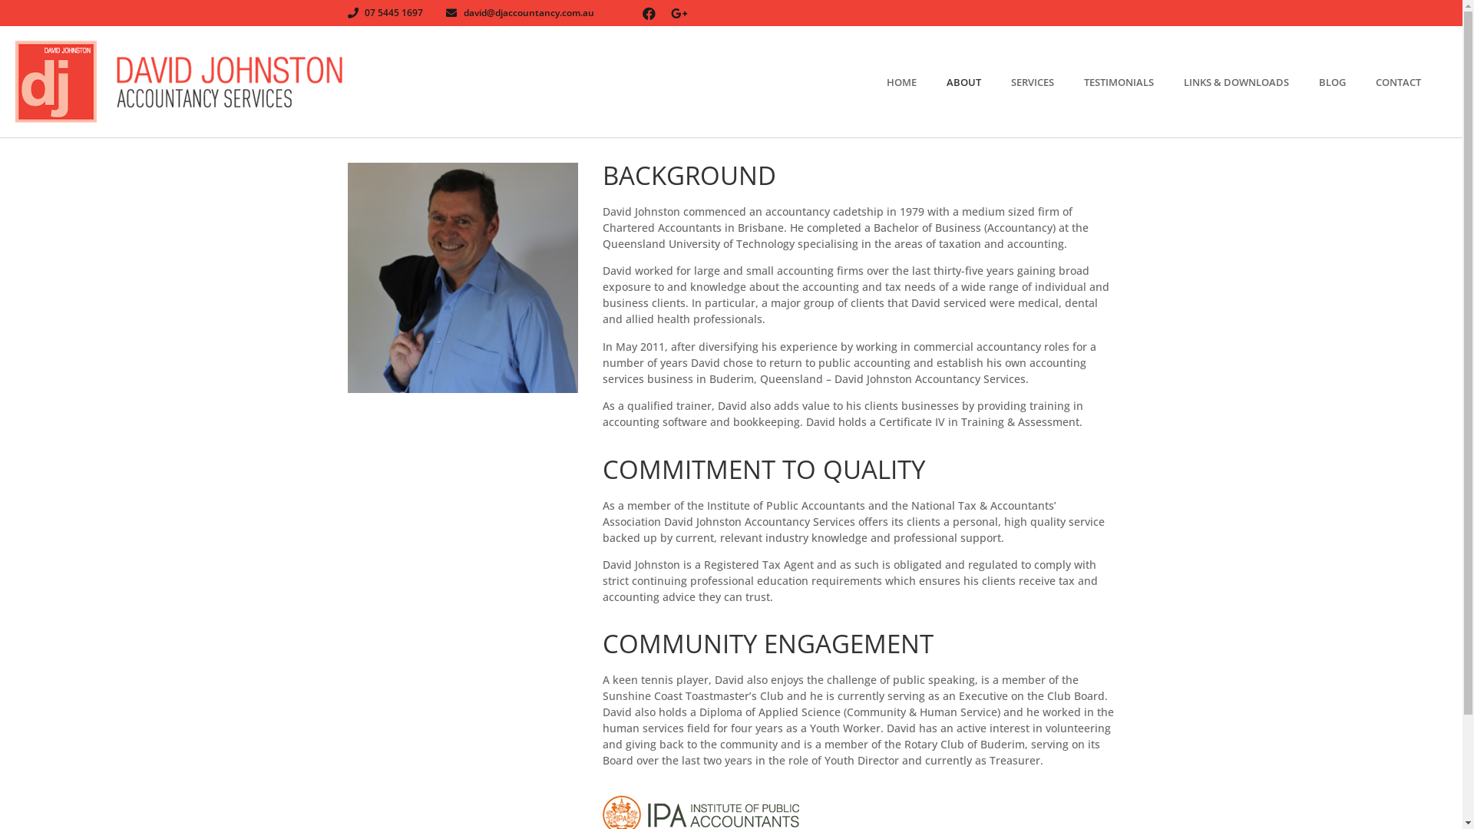  What do you see at coordinates (917, 82) in the screenshot?
I see `'HOME'` at bounding box center [917, 82].